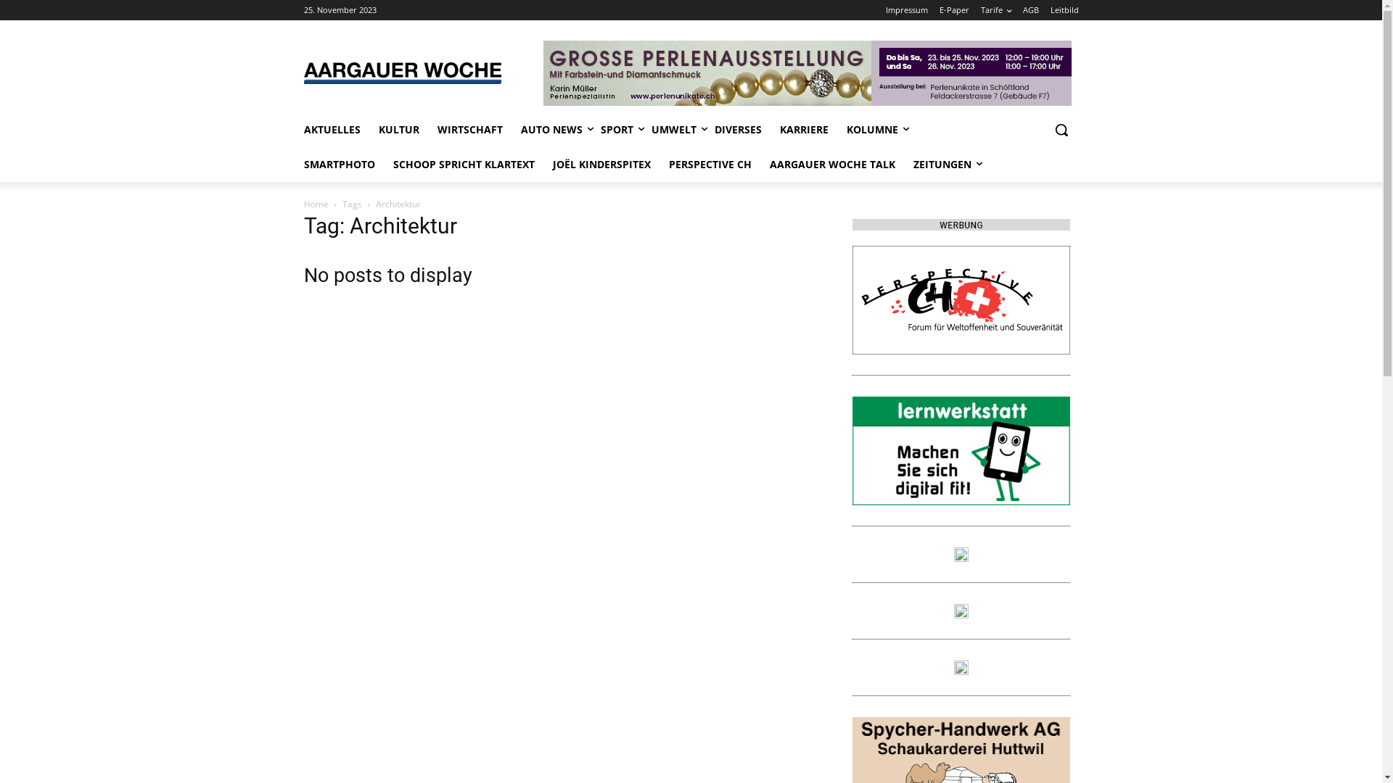 This screenshot has height=783, width=1393. What do you see at coordinates (831, 164) in the screenshot?
I see `'AARGAUER WOCHE TALK'` at bounding box center [831, 164].